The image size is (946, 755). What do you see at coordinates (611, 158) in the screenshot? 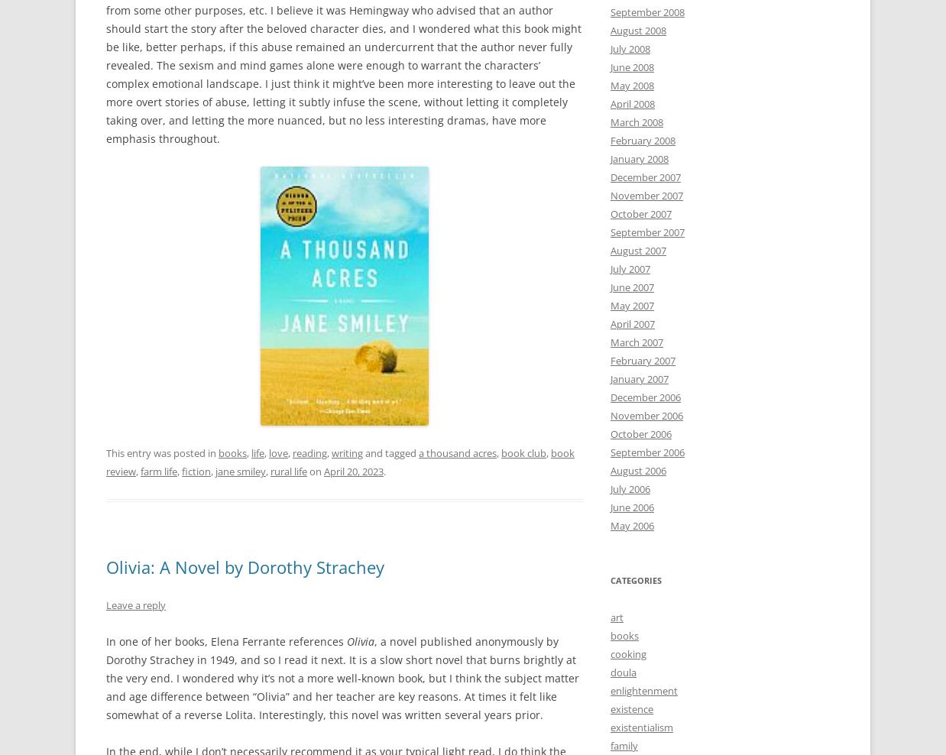
I see `'January 2008'` at bounding box center [611, 158].